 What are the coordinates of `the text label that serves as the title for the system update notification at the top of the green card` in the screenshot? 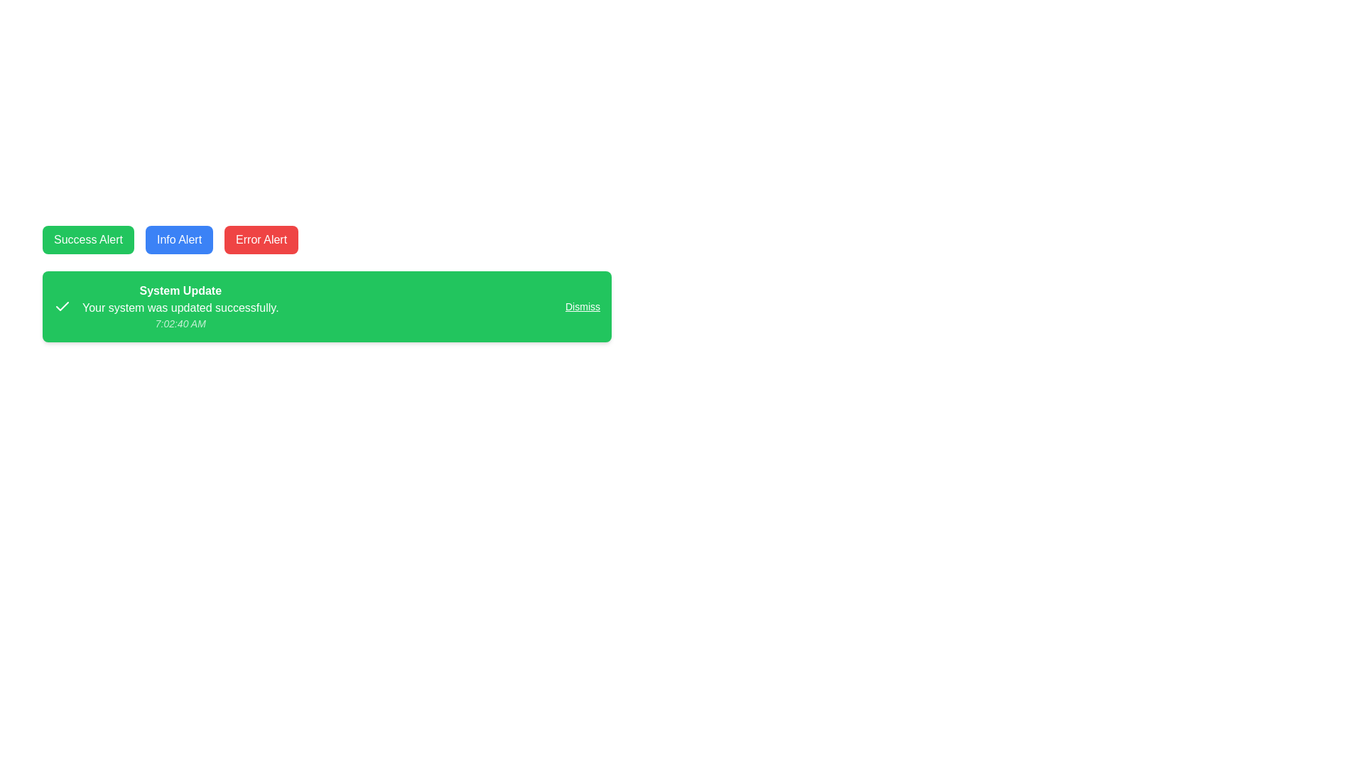 It's located at (180, 290).